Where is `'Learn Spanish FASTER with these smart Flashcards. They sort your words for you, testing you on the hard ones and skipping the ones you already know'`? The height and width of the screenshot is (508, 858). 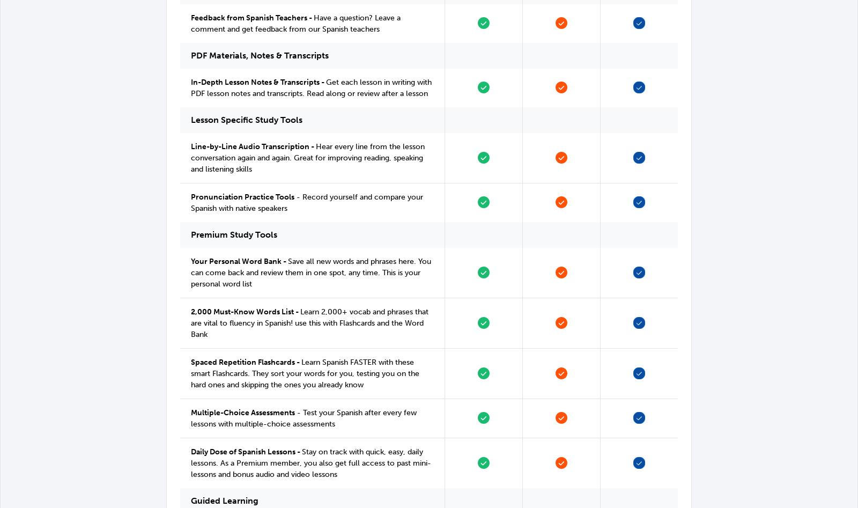
'Learn Spanish FASTER with these smart Flashcards. They sort your words for you, testing you on the hard ones and skipping the ones you already know' is located at coordinates (304, 373).